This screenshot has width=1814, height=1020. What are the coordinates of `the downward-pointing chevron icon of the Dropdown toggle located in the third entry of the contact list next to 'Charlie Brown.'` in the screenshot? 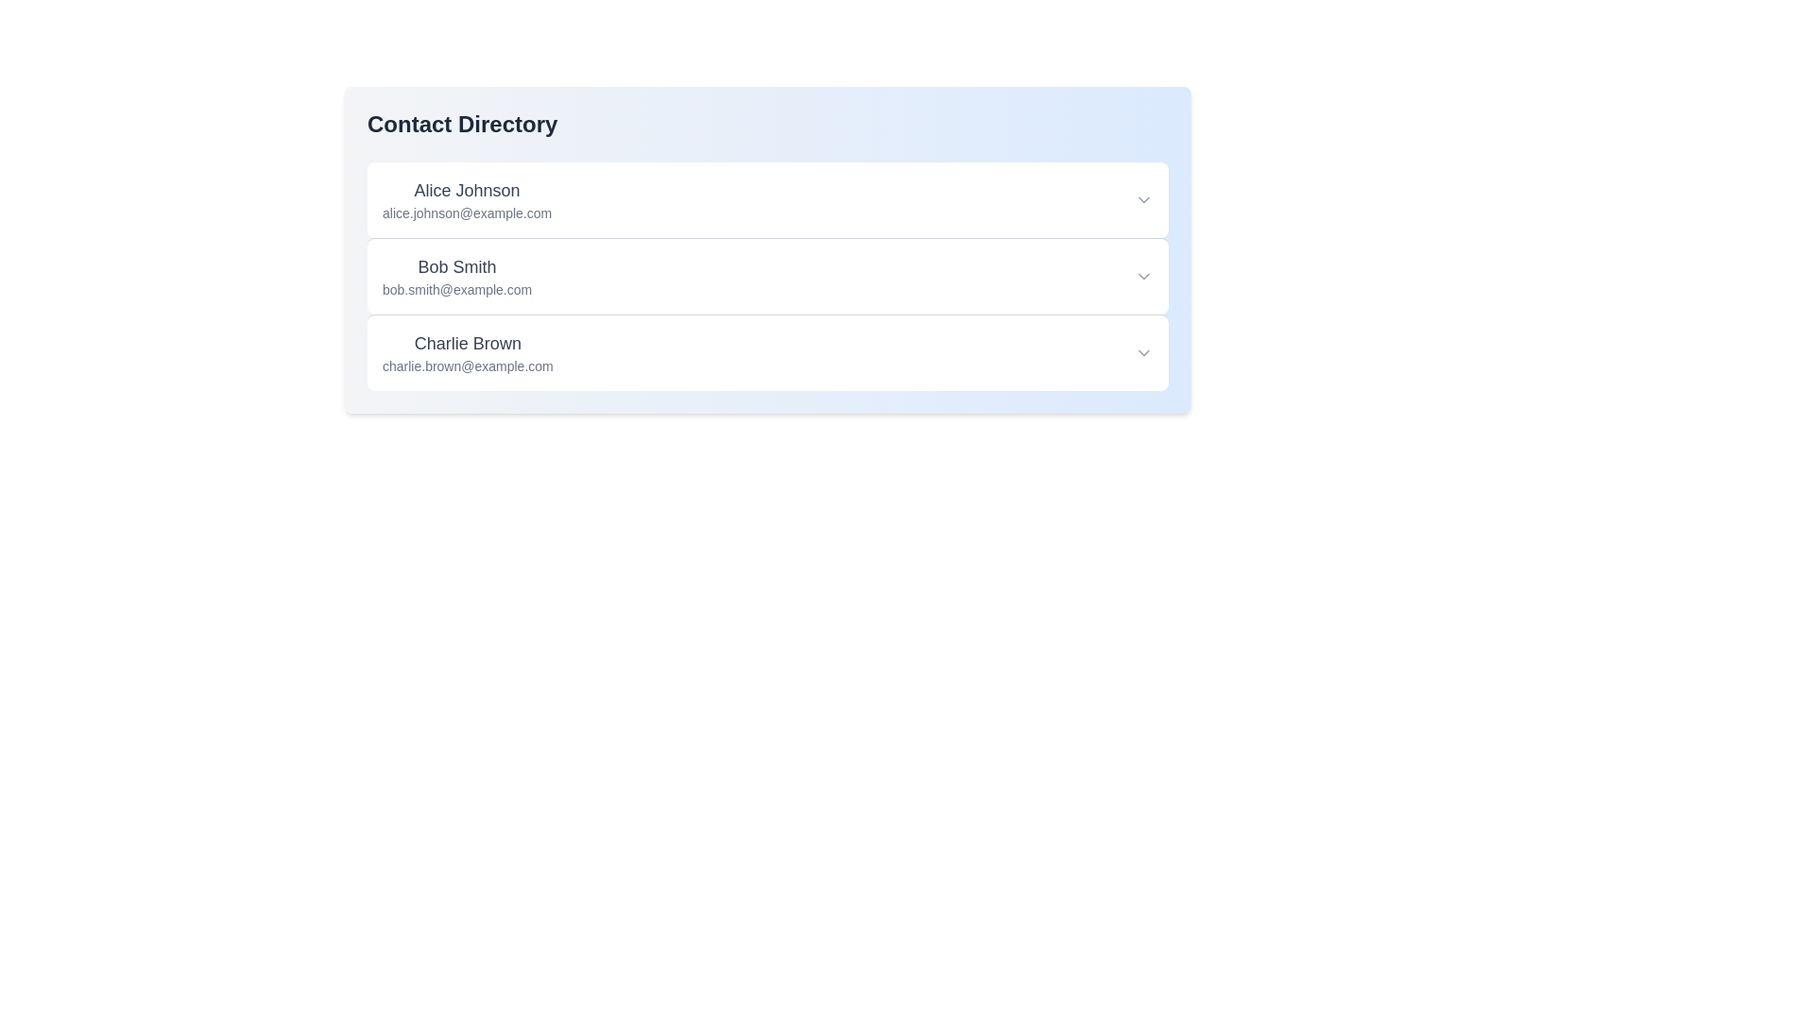 It's located at (1142, 353).